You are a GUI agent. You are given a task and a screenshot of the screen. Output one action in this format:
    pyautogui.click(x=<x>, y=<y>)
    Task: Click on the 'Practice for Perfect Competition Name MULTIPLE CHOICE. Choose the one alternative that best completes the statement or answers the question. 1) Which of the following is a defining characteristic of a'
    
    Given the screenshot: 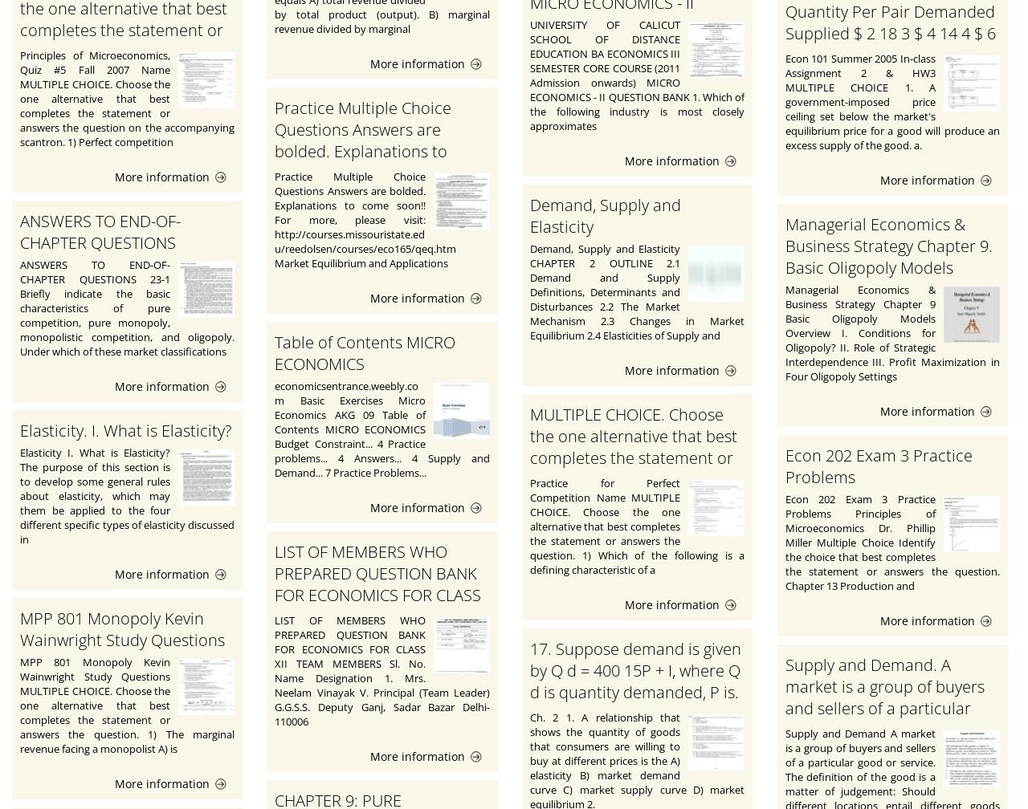 What is the action you would take?
    pyautogui.click(x=635, y=526)
    